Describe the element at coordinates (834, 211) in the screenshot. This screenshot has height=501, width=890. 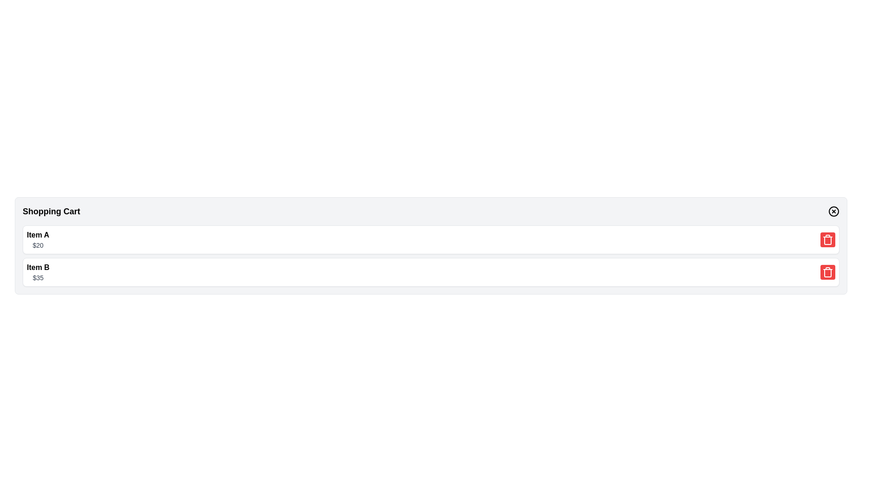
I see `the circular button with an 'X' icon in the center, located in the top-right corner of the Shopping Cart header section` at that location.